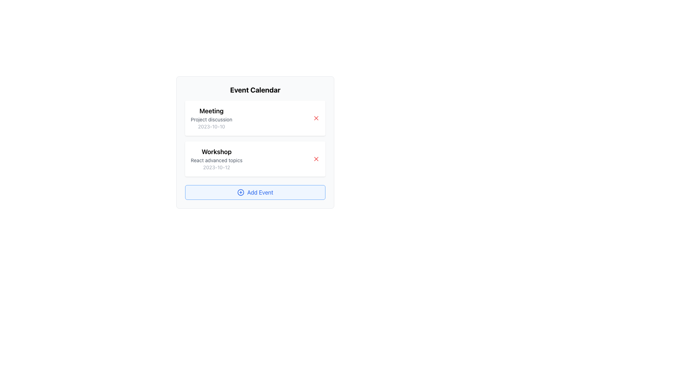 The height and width of the screenshot is (380, 677). Describe the element at coordinates (255, 192) in the screenshot. I see `the 'Add Event' button with a light blue background and blue border located at the bottom of the 'Event Calendar' card` at that location.